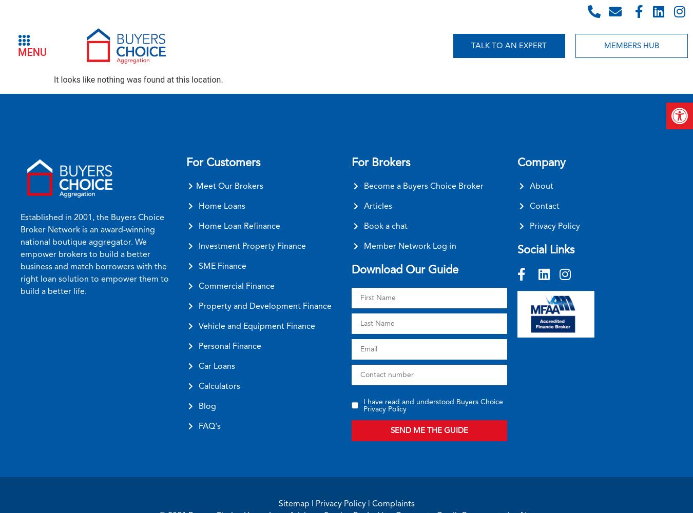  What do you see at coordinates (216, 365) in the screenshot?
I see `'Car Loans'` at bounding box center [216, 365].